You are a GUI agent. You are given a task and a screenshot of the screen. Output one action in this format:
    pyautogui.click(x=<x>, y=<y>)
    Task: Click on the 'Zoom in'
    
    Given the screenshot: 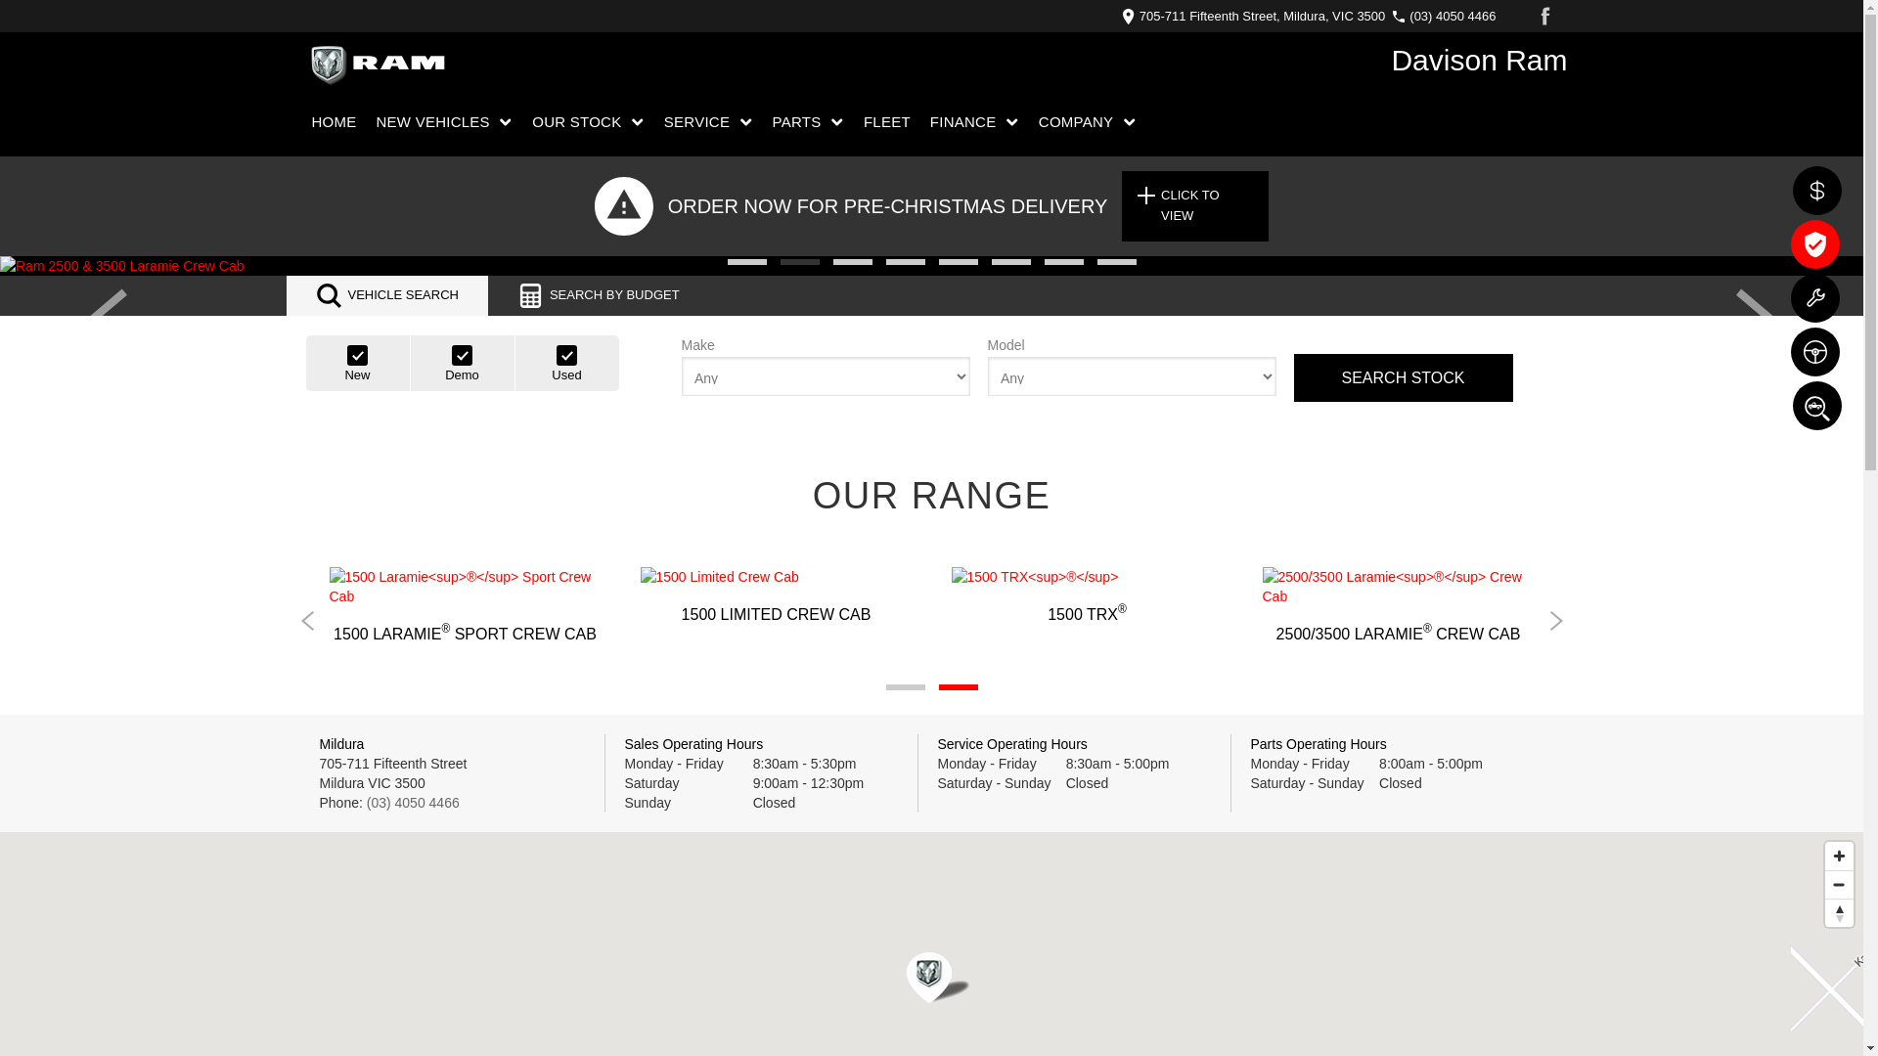 What is the action you would take?
    pyautogui.click(x=1838, y=855)
    